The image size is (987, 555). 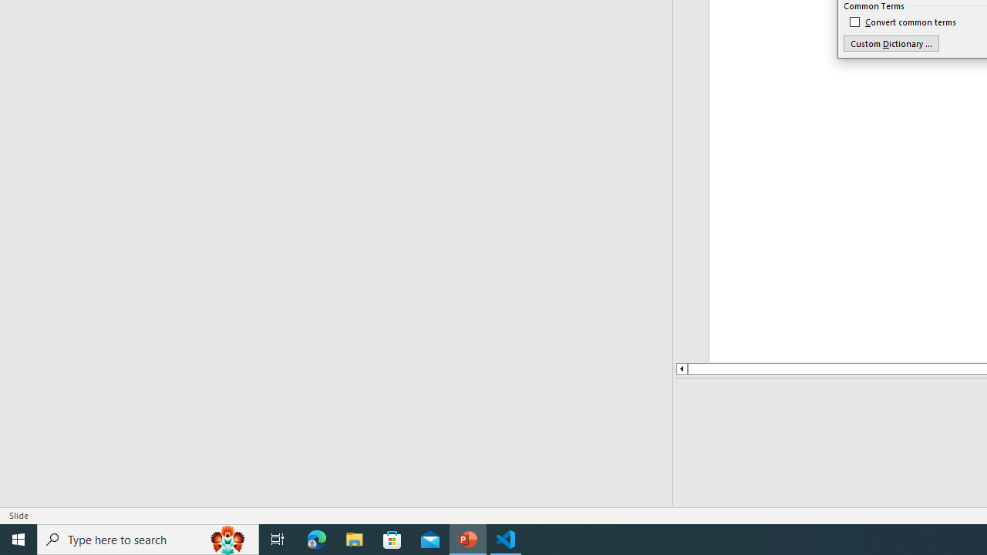 I want to click on 'Microsoft Edge', so click(x=316, y=538).